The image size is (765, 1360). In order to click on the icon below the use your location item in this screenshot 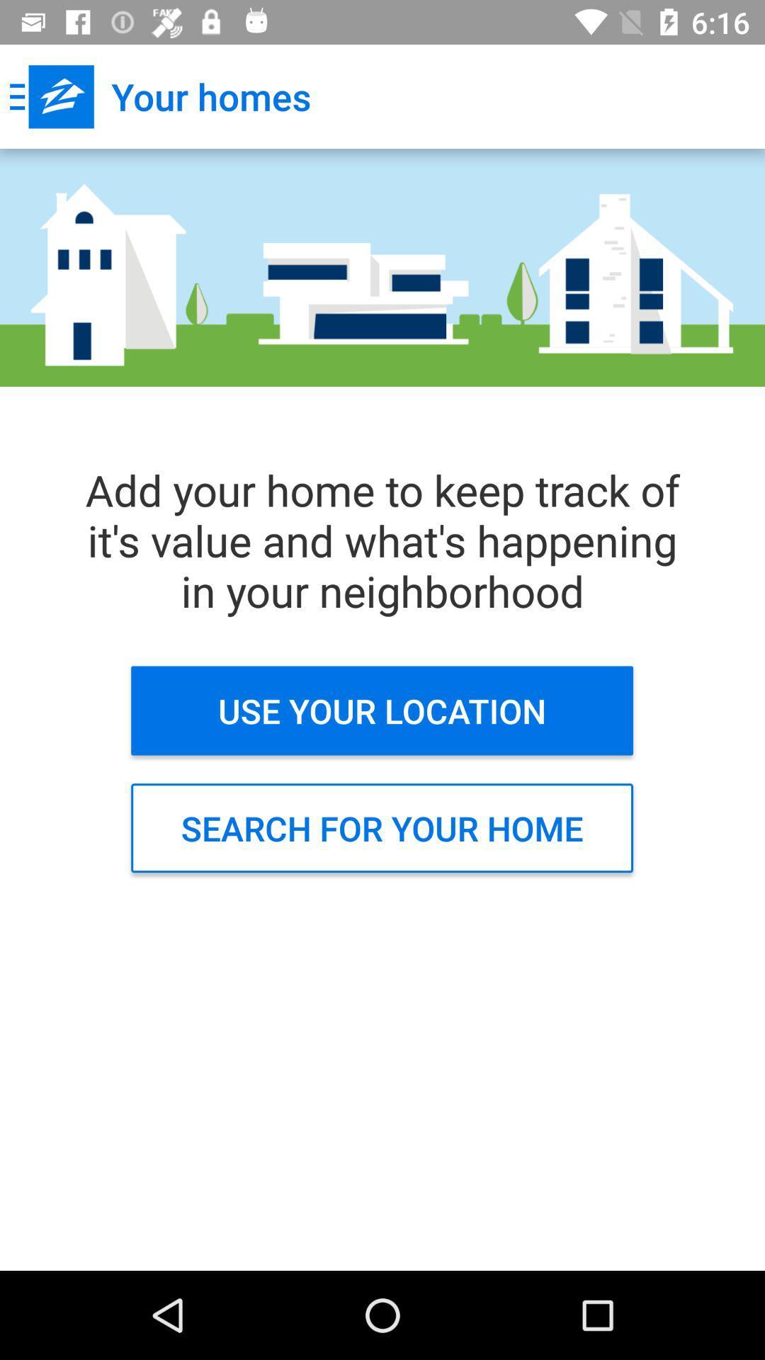, I will do `click(381, 828)`.